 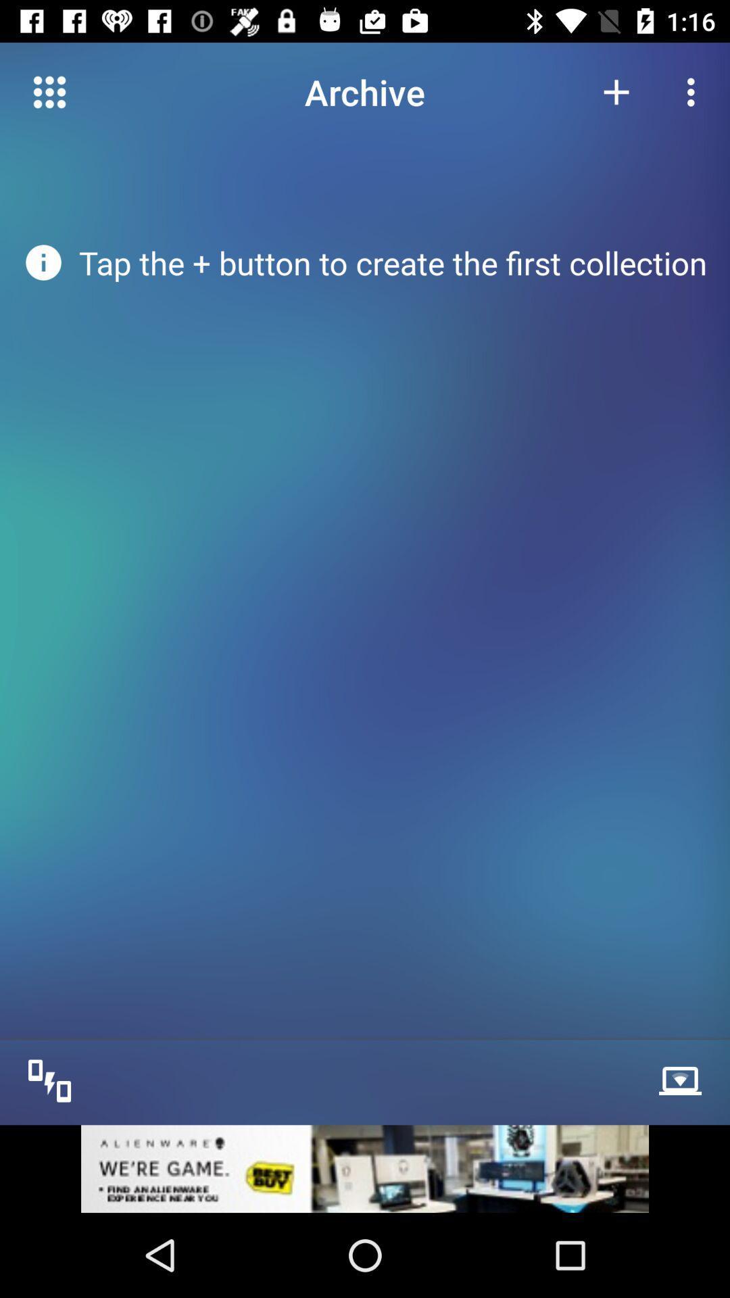 I want to click on number pad option, so click(x=49, y=91).